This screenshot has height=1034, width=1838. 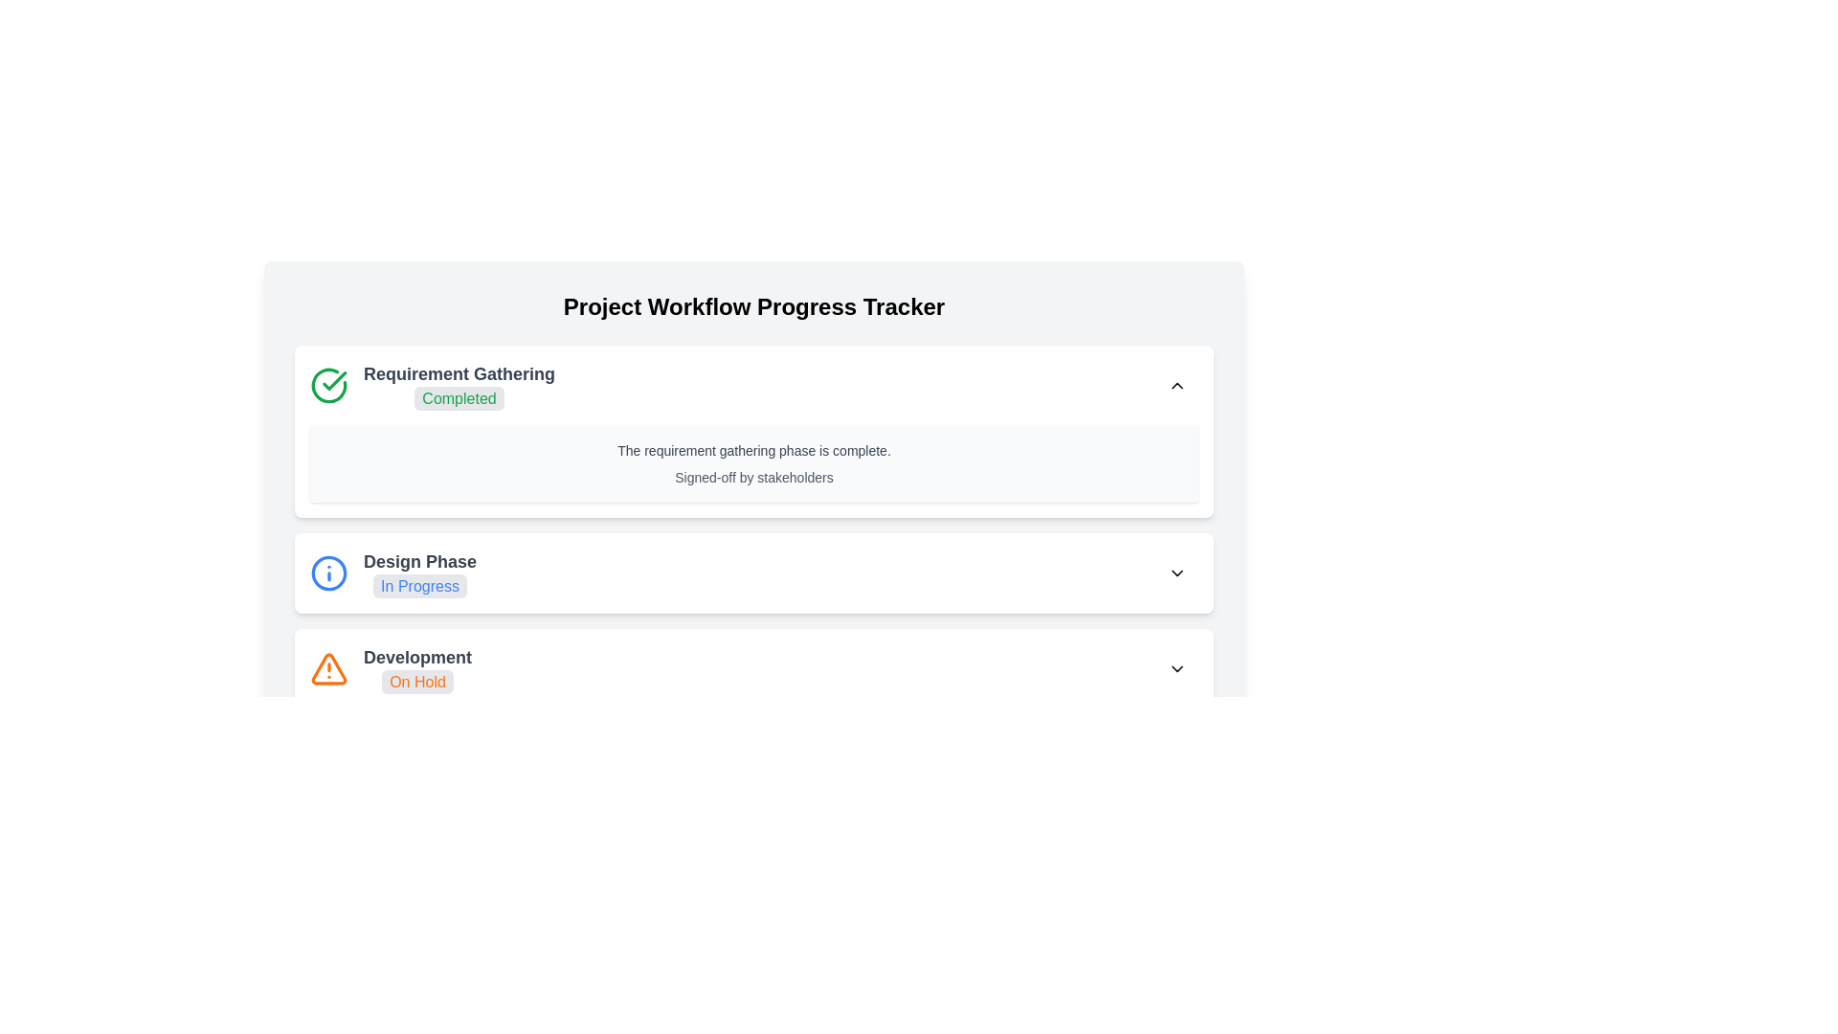 What do you see at coordinates (416, 667) in the screenshot?
I see `status information from the Label with status indicator that displays 'On Hold', positioned below the 'Design Phase' section and aligned with a warning icon` at bounding box center [416, 667].